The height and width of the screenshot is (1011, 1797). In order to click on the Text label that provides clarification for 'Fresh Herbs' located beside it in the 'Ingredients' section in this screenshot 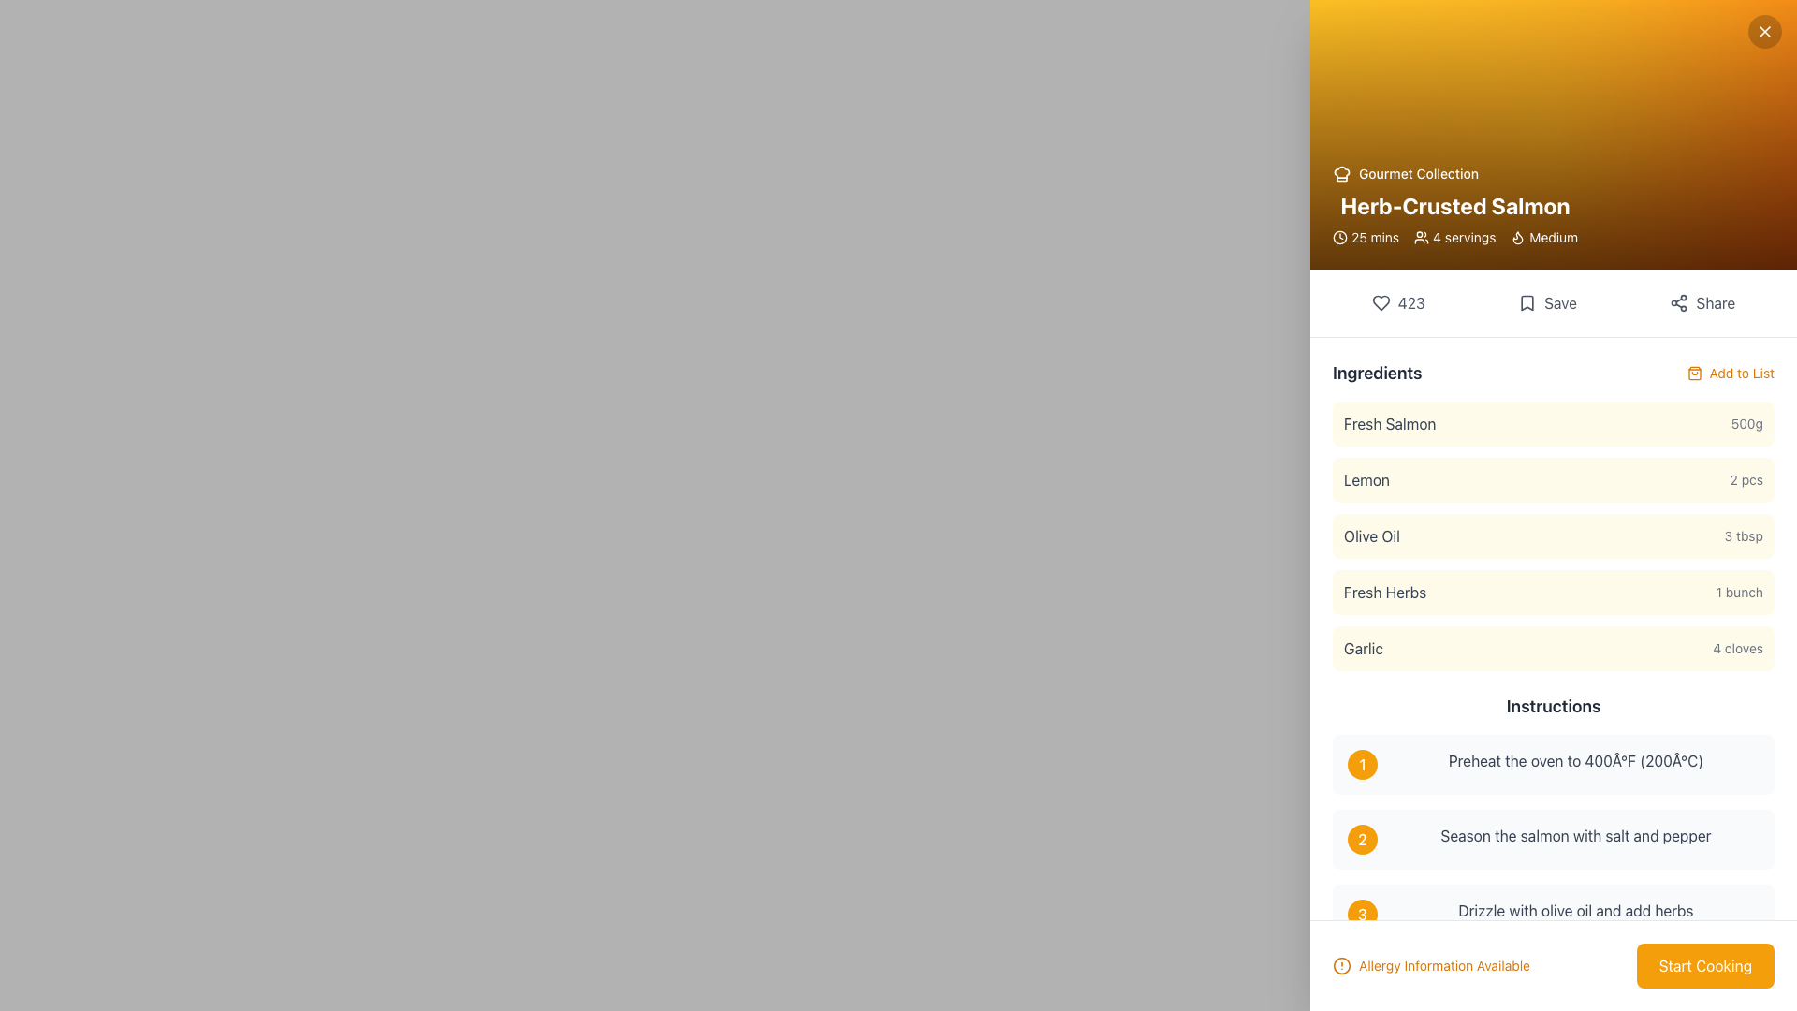, I will do `click(1738, 592)`.